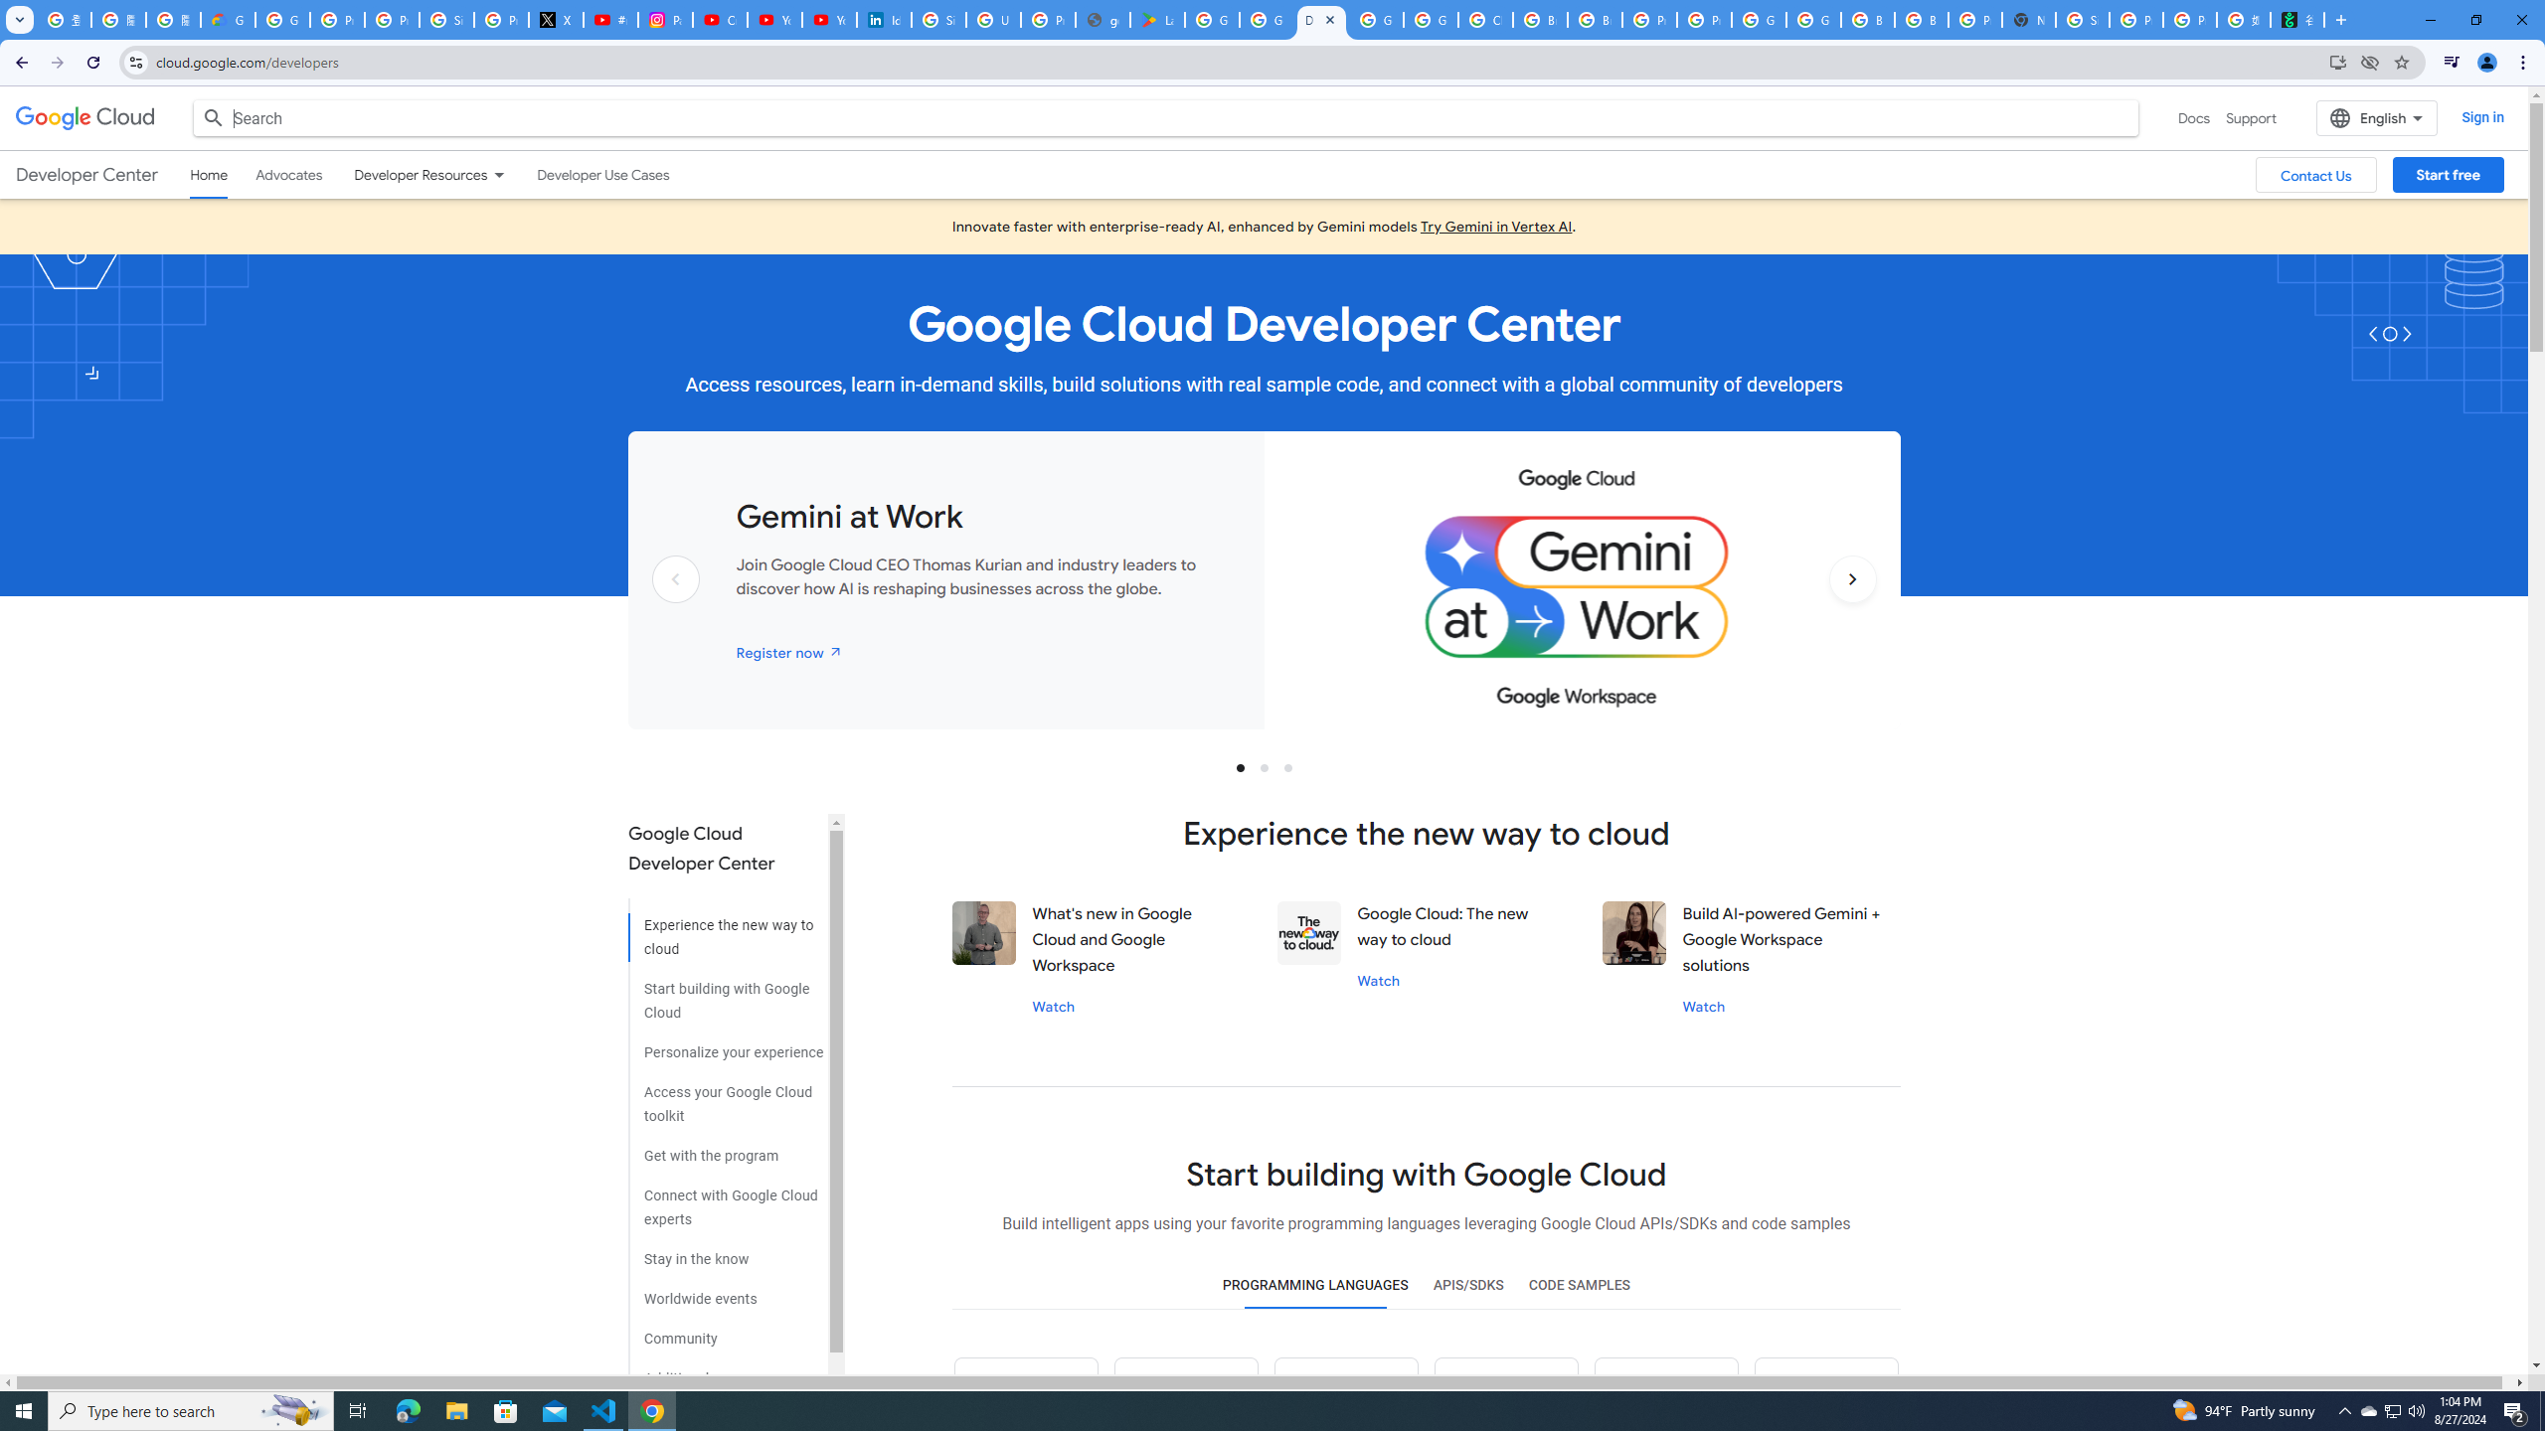  Describe the element at coordinates (725, 1149) in the screenshot. I see `'Get with the program'` at that location.